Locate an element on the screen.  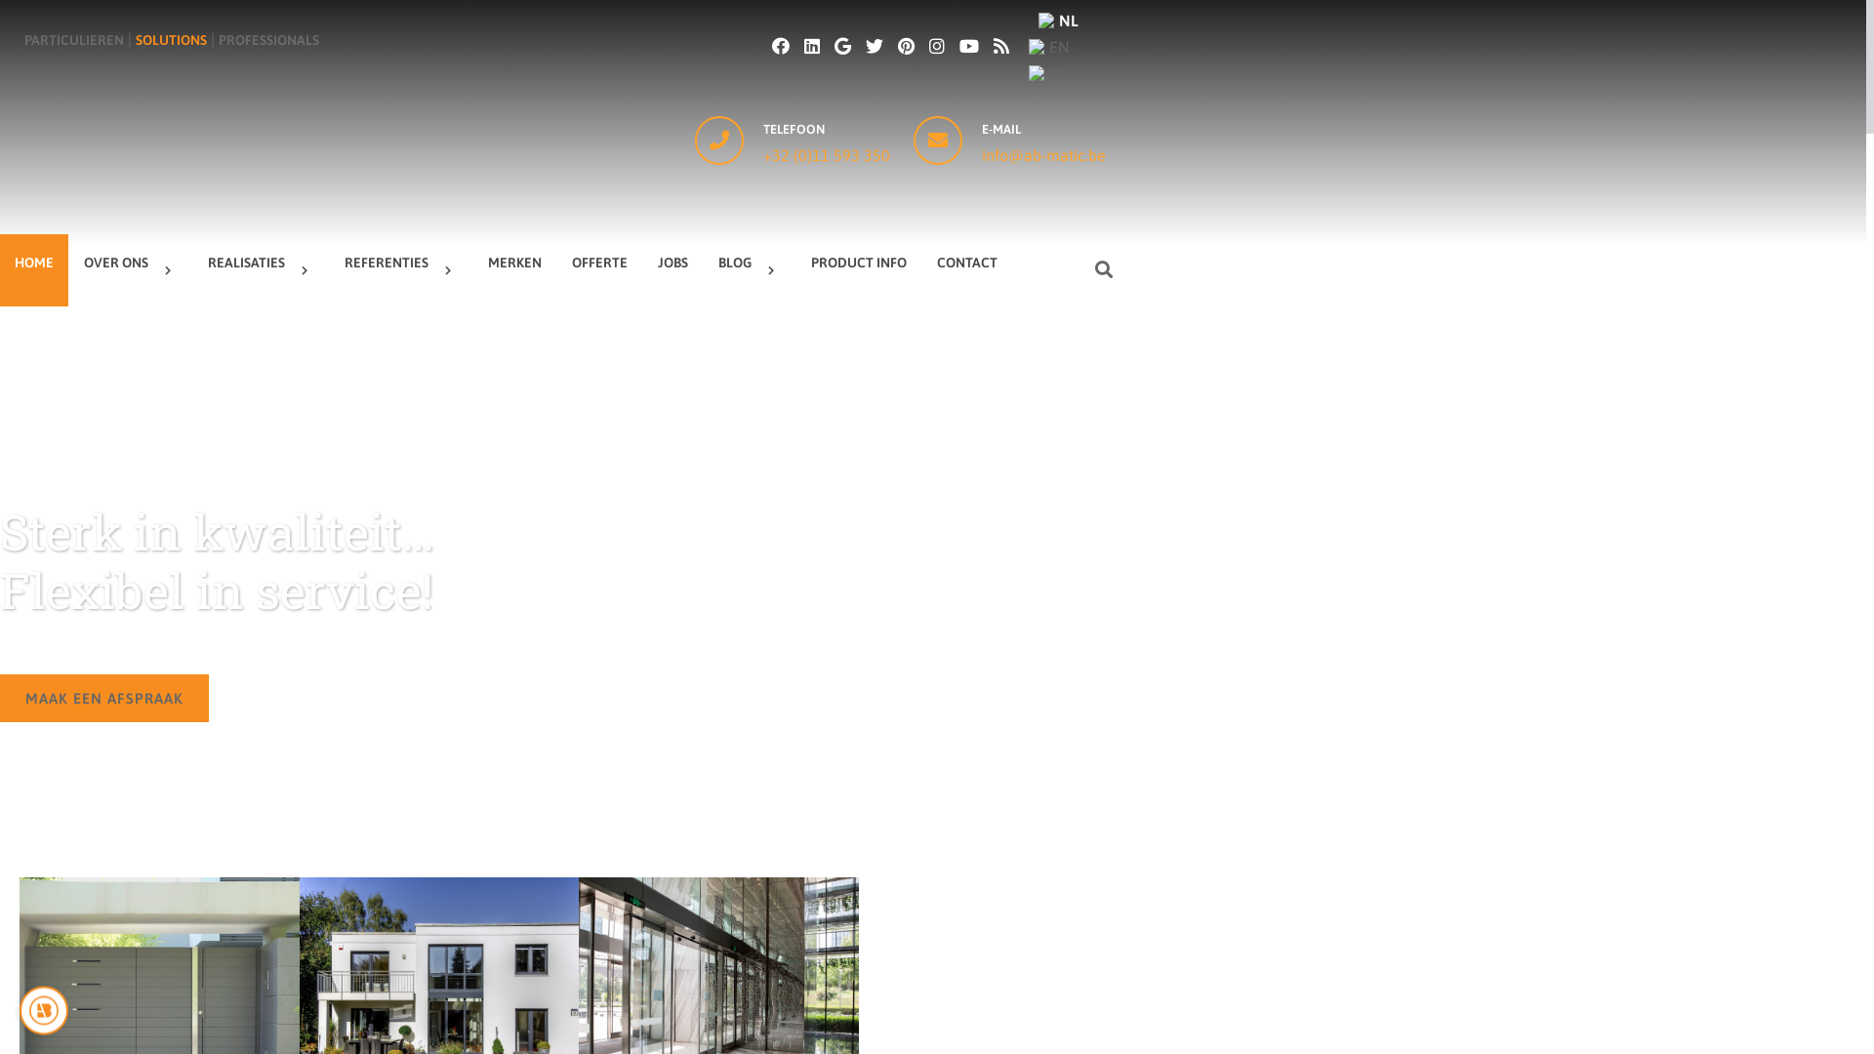
'OVER ONS' is located at coordinates (130, 270).